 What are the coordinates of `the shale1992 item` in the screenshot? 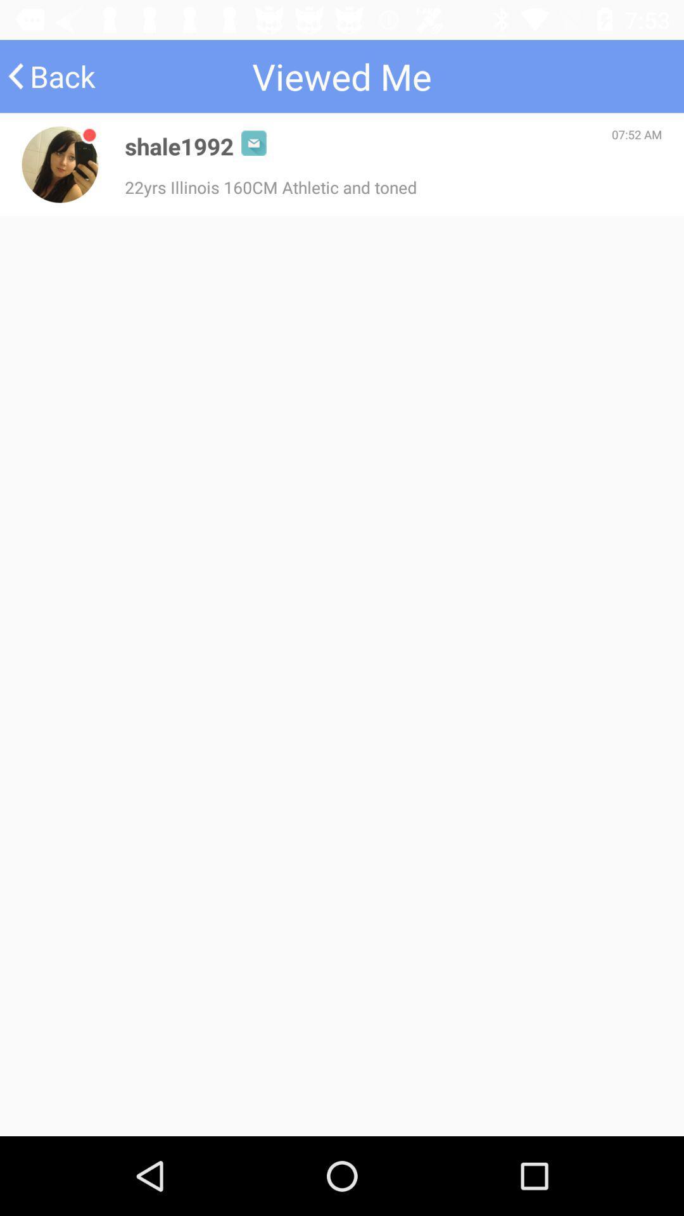 It's located at (179, 146).